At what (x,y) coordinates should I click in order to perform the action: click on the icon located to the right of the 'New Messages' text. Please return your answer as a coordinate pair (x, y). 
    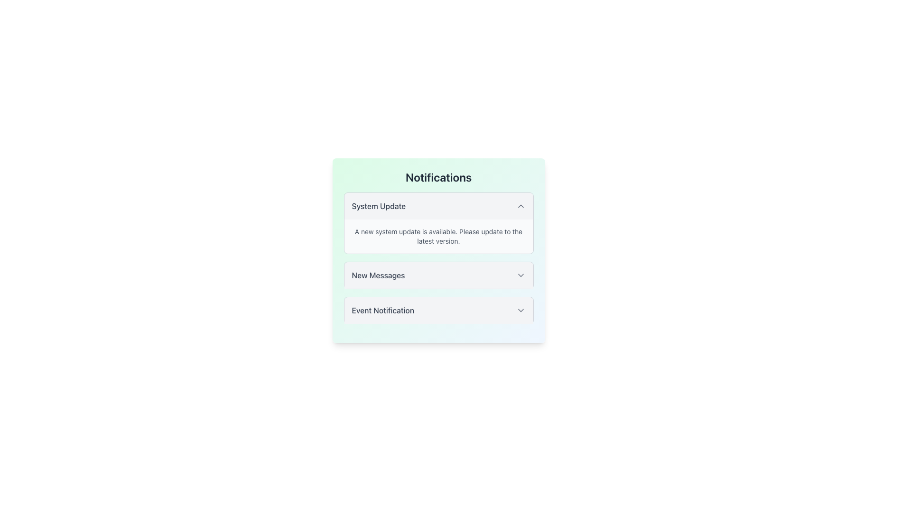
    Looking at the image, I should click on (520, 275).